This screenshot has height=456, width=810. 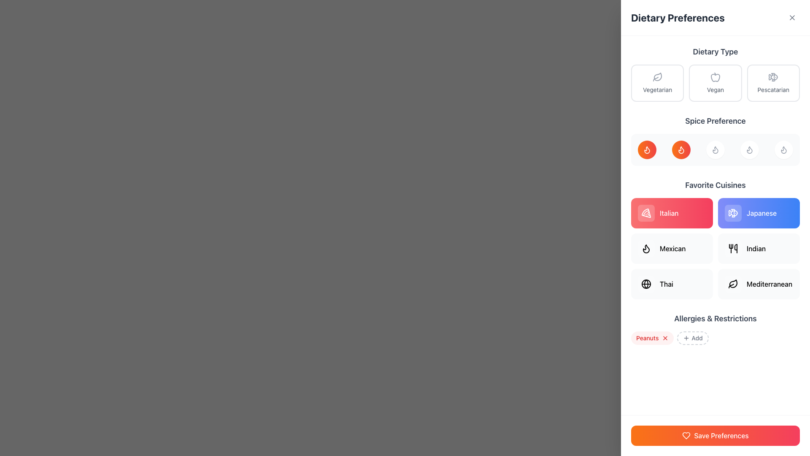 What do you see at coordinates (681, 149) in the screenshot?
I see `the interactive circular button with a gradient orange-to-red background and a white flame icon, located` at bounding box center [681, 149].